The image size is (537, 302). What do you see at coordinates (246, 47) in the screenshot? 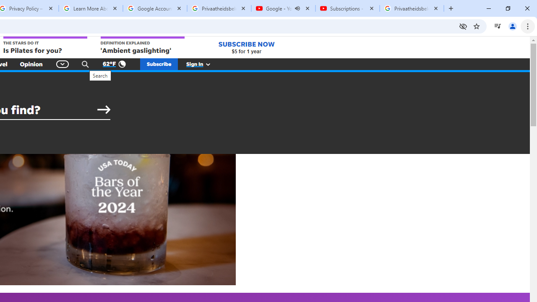
I see `'SUBSCRIBE NOW $5 for 1 year'` at bounding box center [246, 47].